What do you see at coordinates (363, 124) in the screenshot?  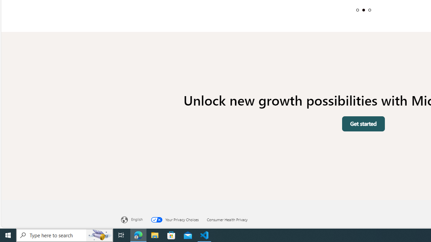 I see `'Get started'` at bounding box center [363, 124].